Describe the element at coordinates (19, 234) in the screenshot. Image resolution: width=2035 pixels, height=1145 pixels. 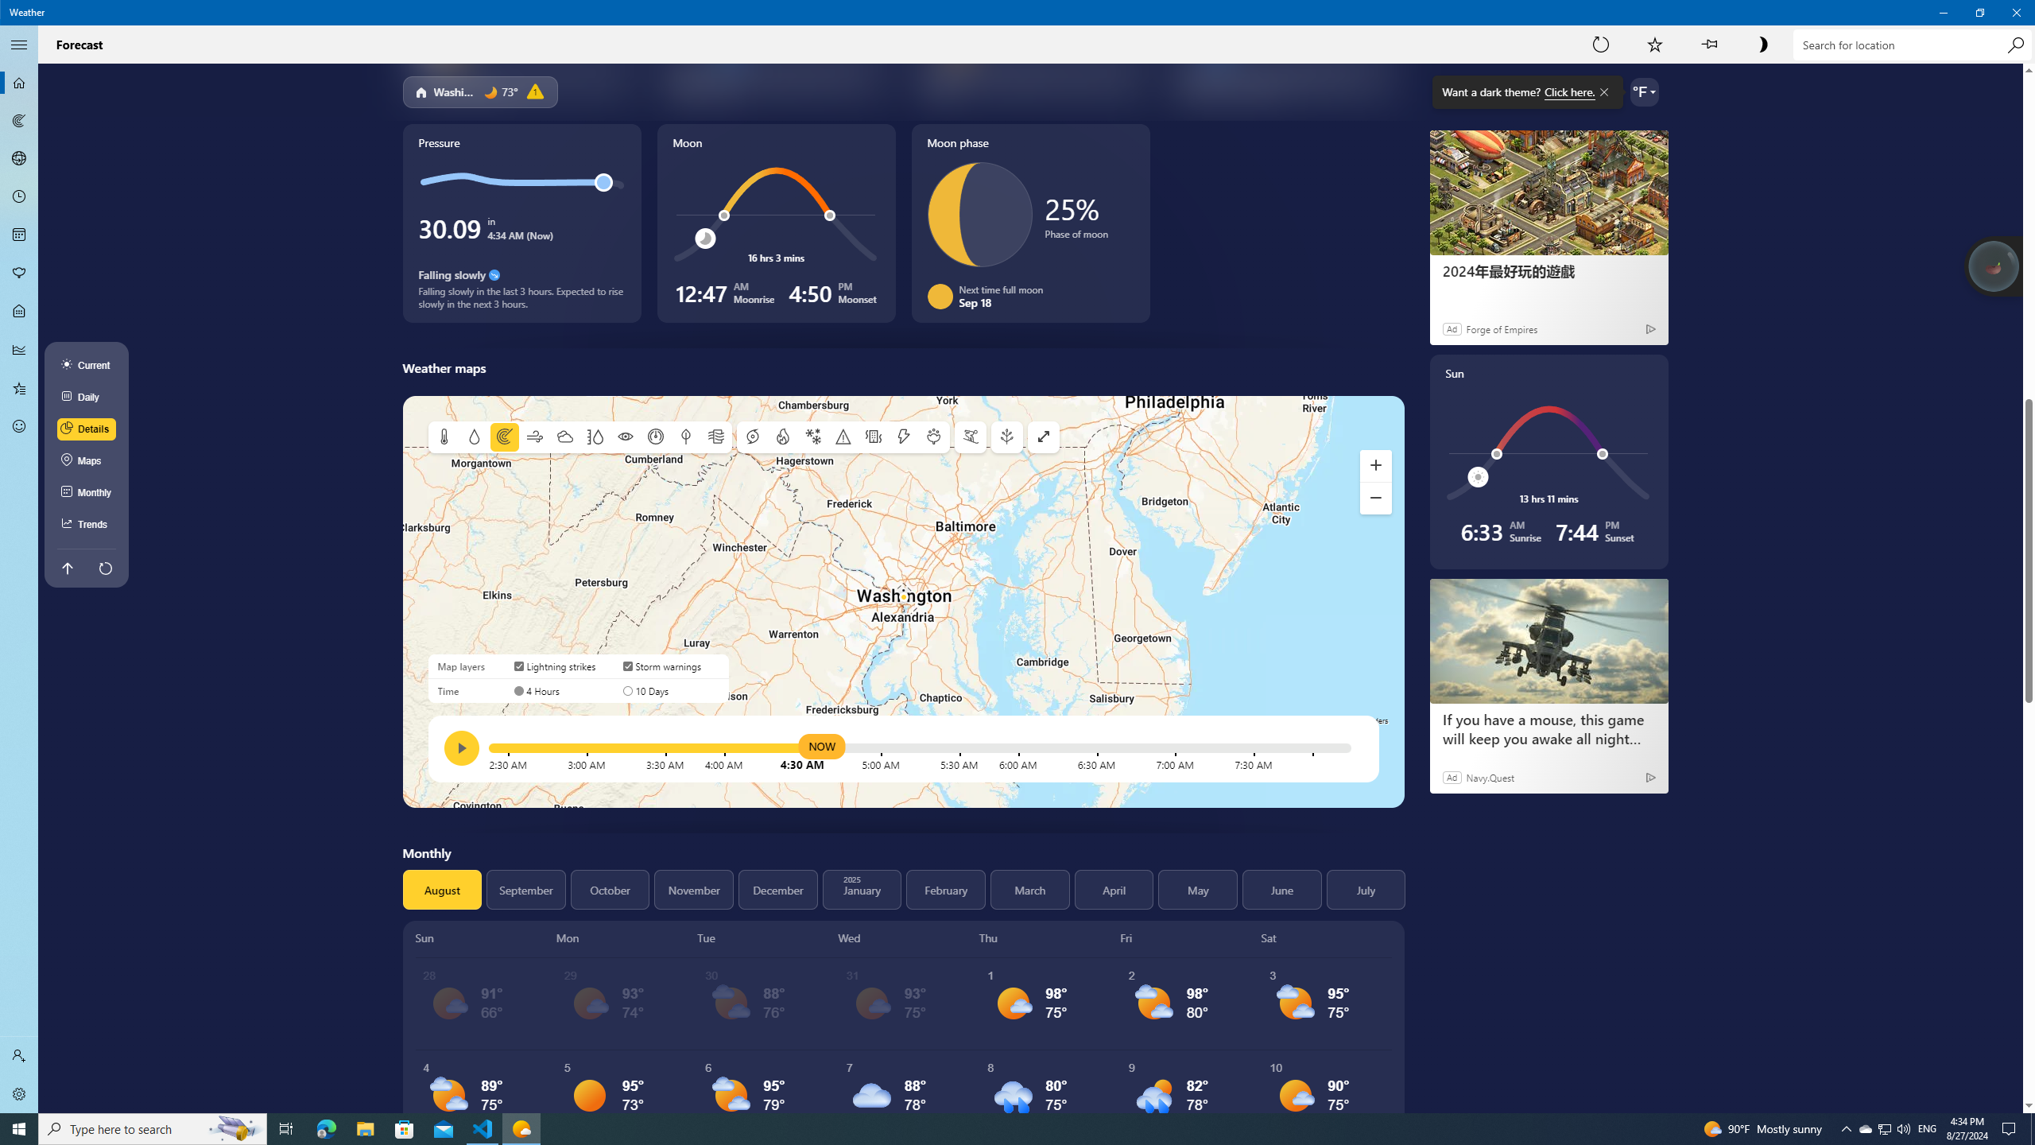
I see `'Monthly Forecast - Not Selected'` at that location.